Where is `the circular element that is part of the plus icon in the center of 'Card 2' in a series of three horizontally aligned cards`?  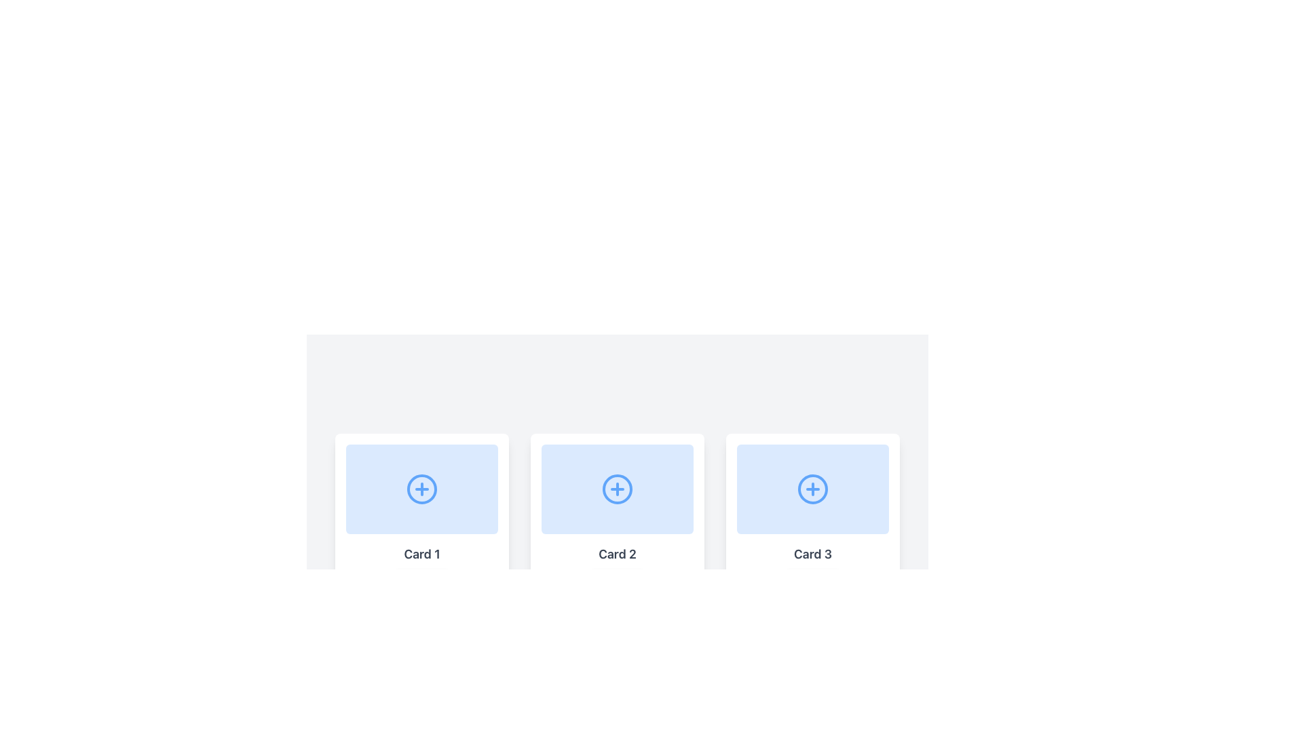
the circular element that is part of the plus icon in the center of 'Card 2' in a series of three horizontally aligned cards is located at coordinates (617, 489).